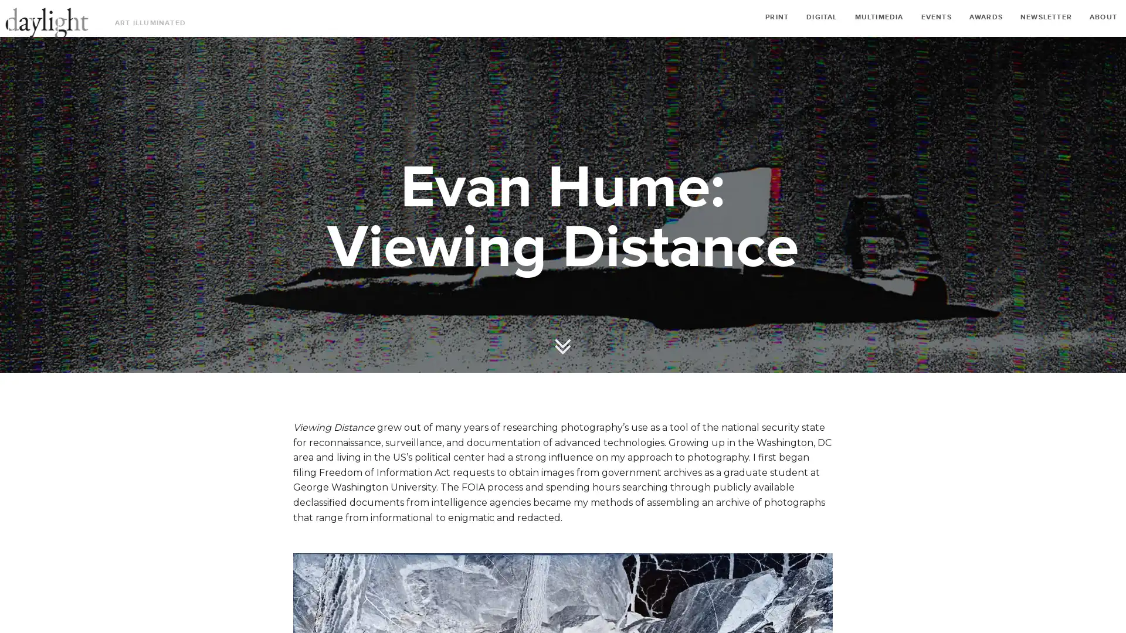  I want to click on Share on Twitter, so click(788, 577).